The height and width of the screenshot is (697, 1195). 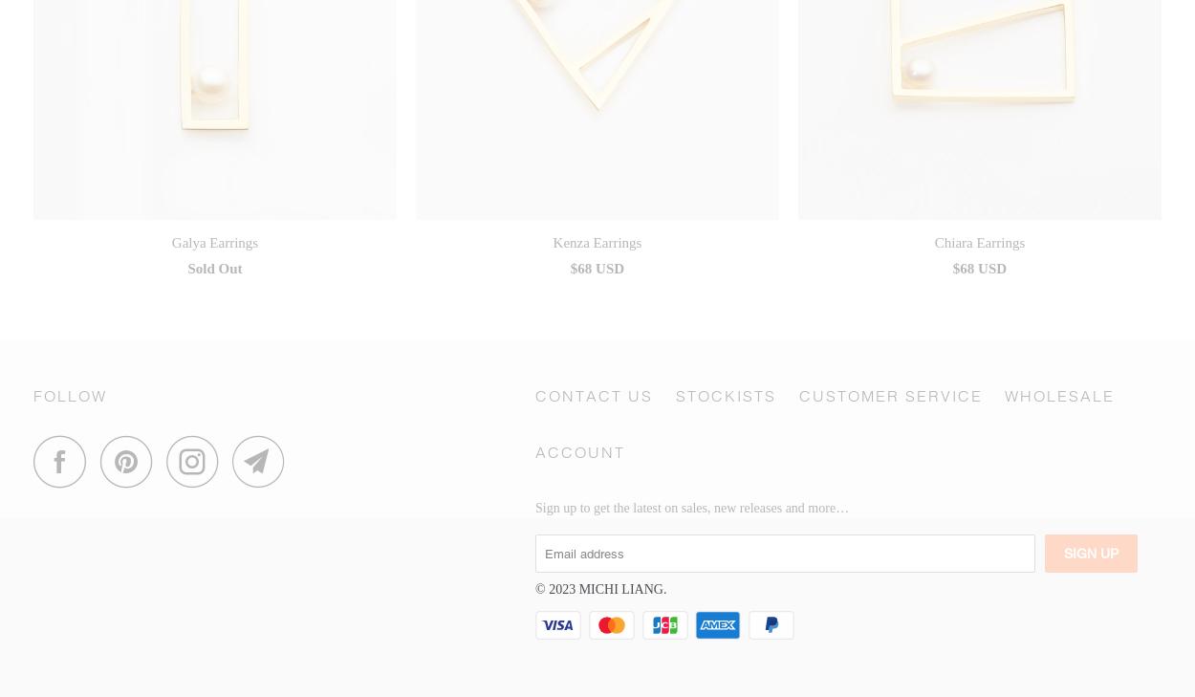 What do you see at coordinates (535, 395) in the screenshot?
I see `'Contact Us'` at bounding box center [535, 395].